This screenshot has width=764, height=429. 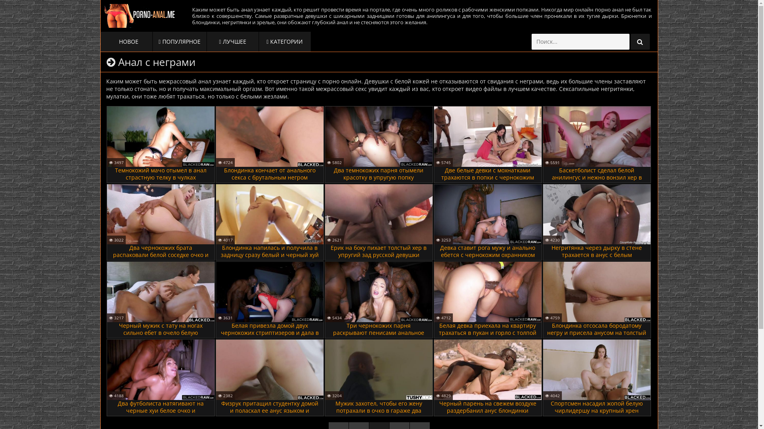 I want to click on 'Find', so click(x=640, y=41).